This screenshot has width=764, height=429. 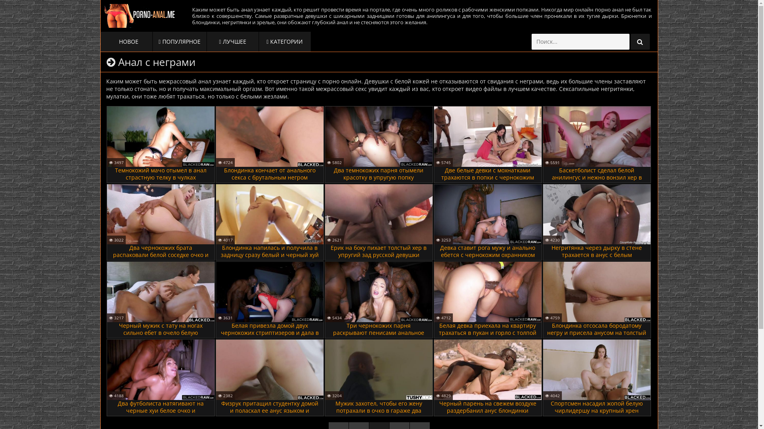 I want to click on 'Find', so click(x=640, y=41).